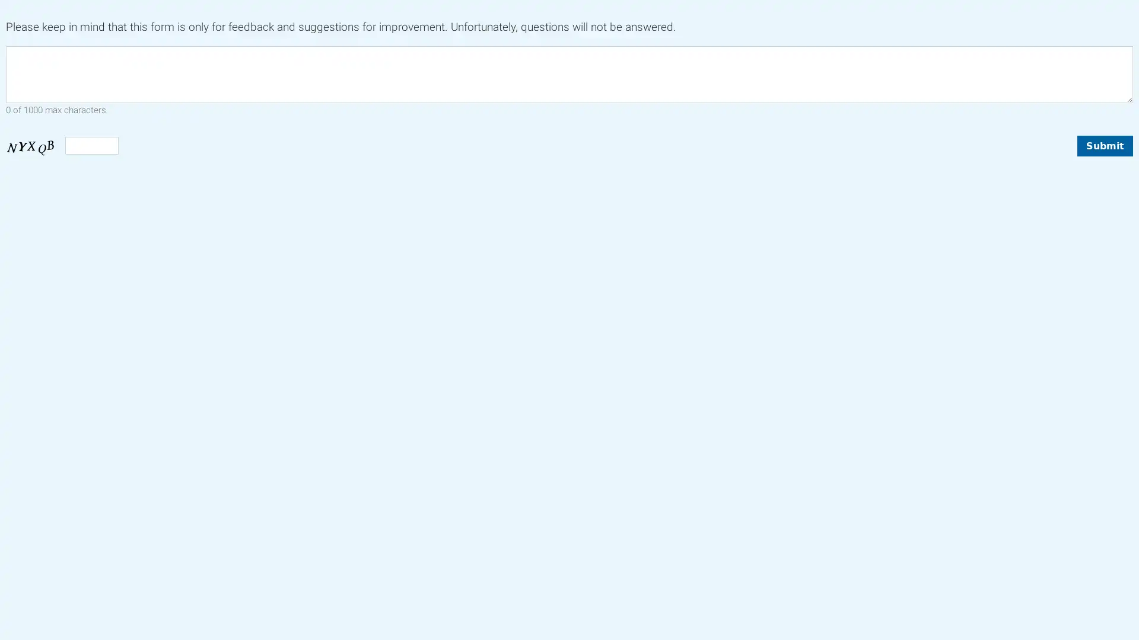  I want to click on Submit, so click(1104, 145).